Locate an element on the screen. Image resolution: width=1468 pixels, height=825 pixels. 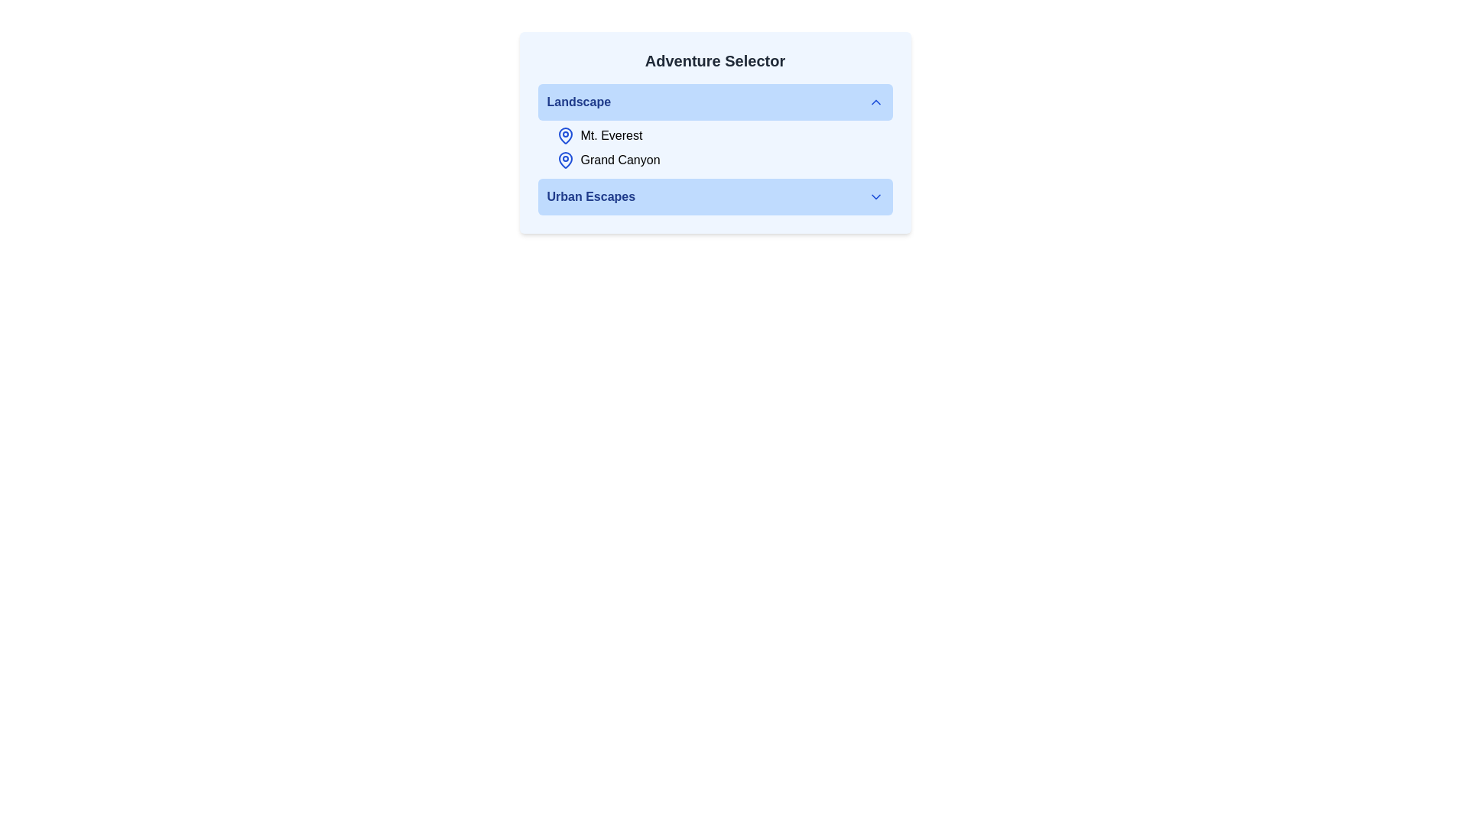
the 'Urban Escapes' button, which is a rectangular button with a light blue background and is located at the bottom of the 'Adventure Selector' module, below the 'Grand Canyon' option is located at coordinates (714, 196).